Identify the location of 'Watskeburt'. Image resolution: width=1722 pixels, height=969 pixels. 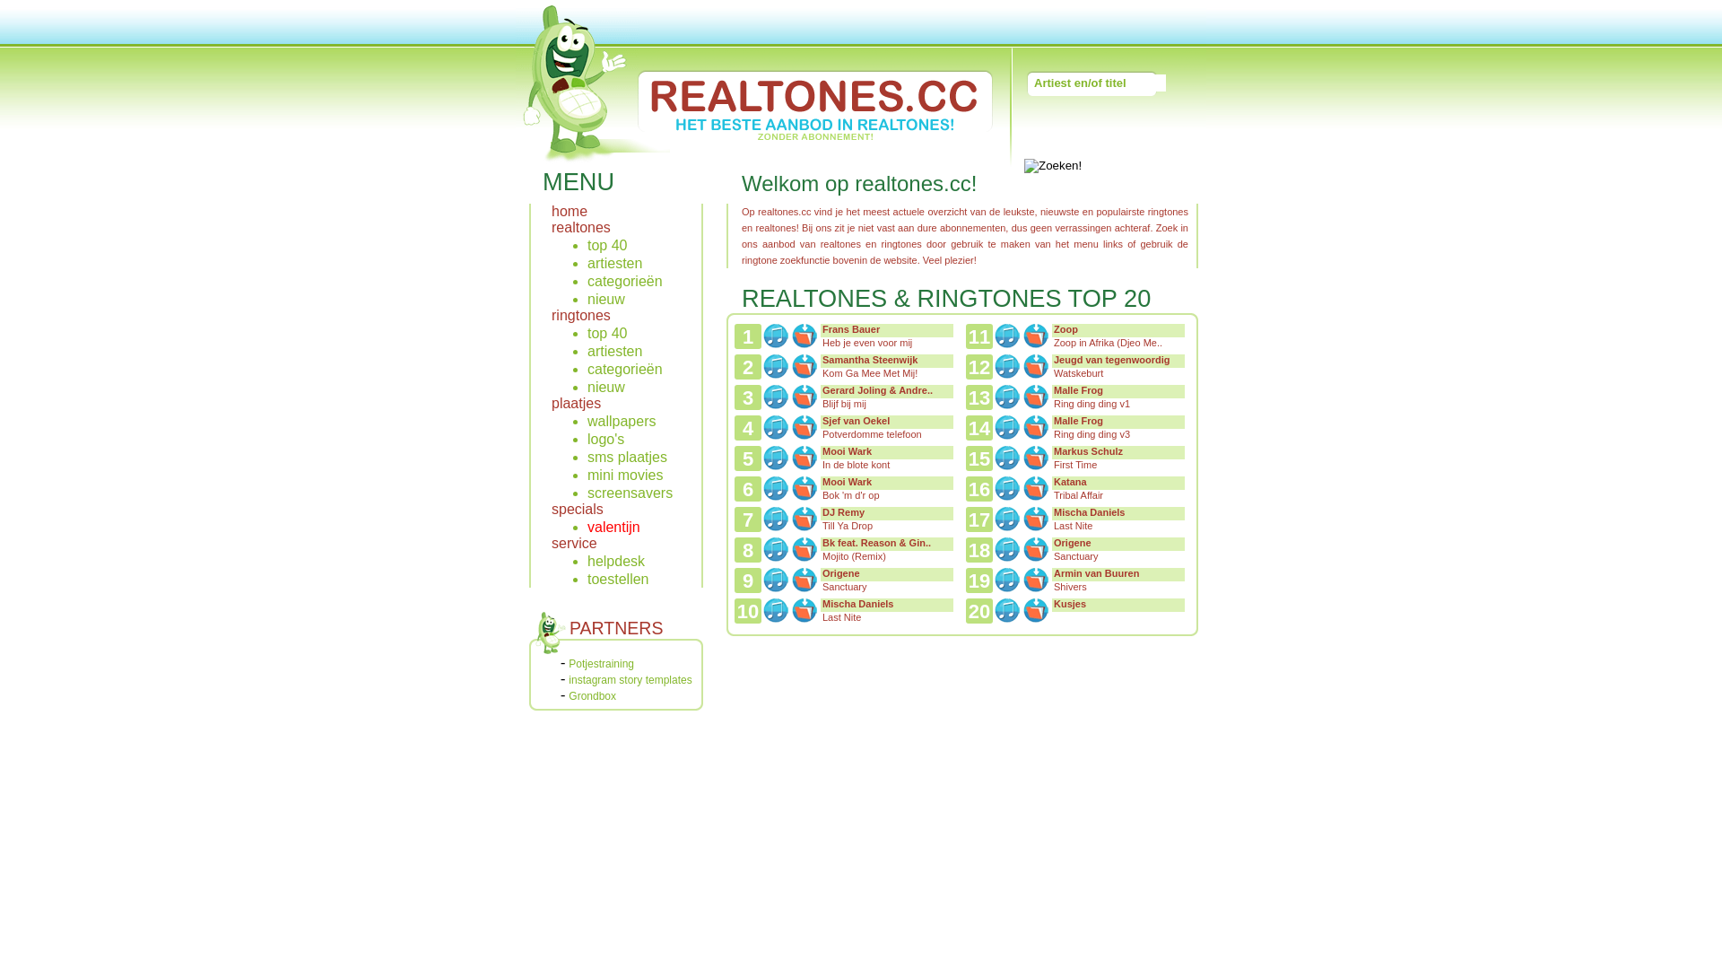
(1077, 372).